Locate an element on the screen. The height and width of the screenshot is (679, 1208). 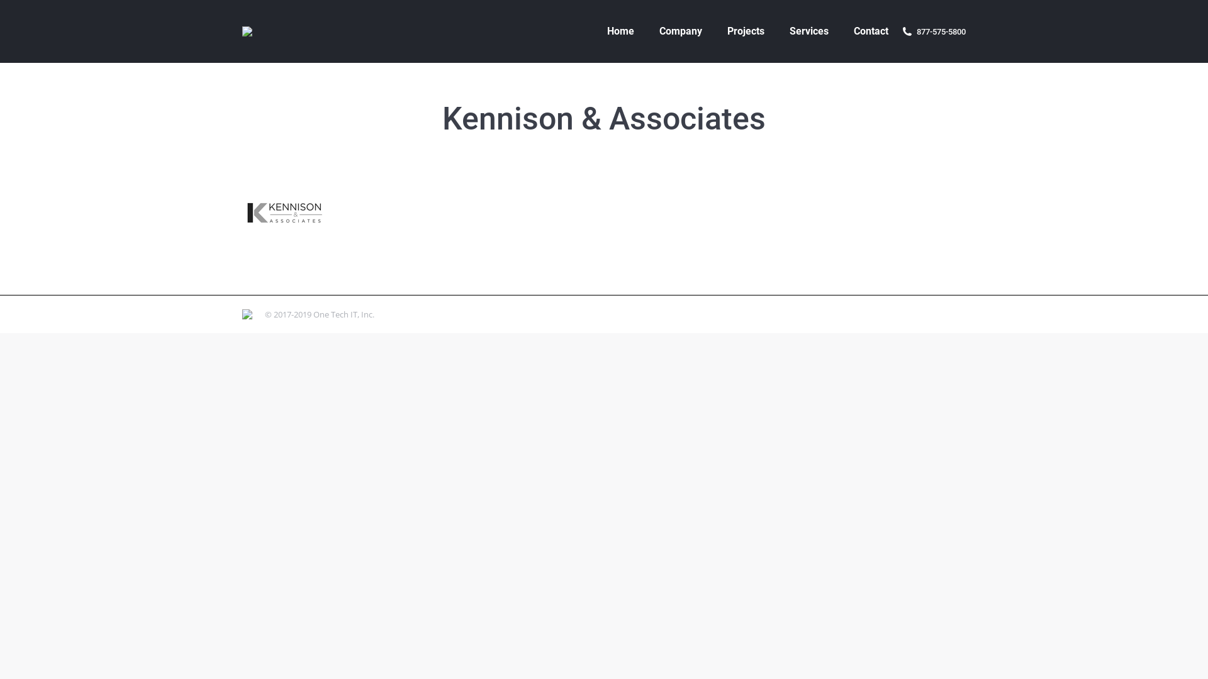
'Home' is located at coordinates (607, 31).